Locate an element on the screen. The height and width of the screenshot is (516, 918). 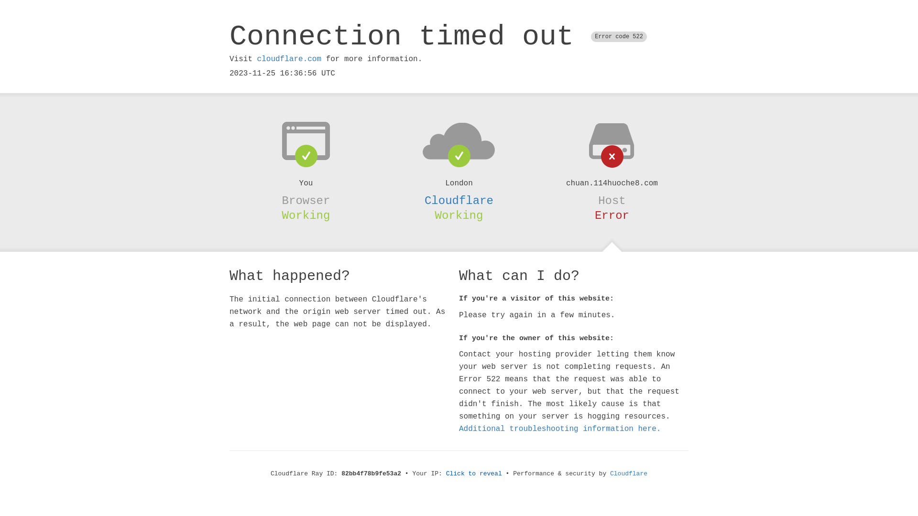
'cloudflare.com' is located at coordinates (257, 59).